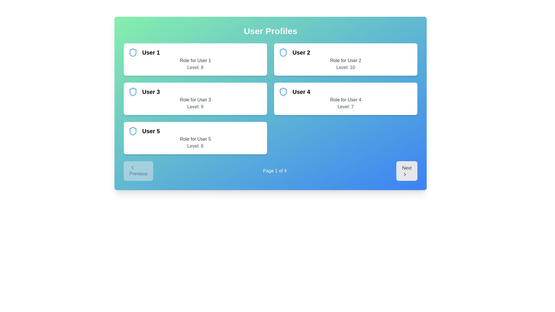  I want to click on details of the user by clicking on the second card in the top row, which displays 'User 2' with a blue shield icon, so click(345, 59).